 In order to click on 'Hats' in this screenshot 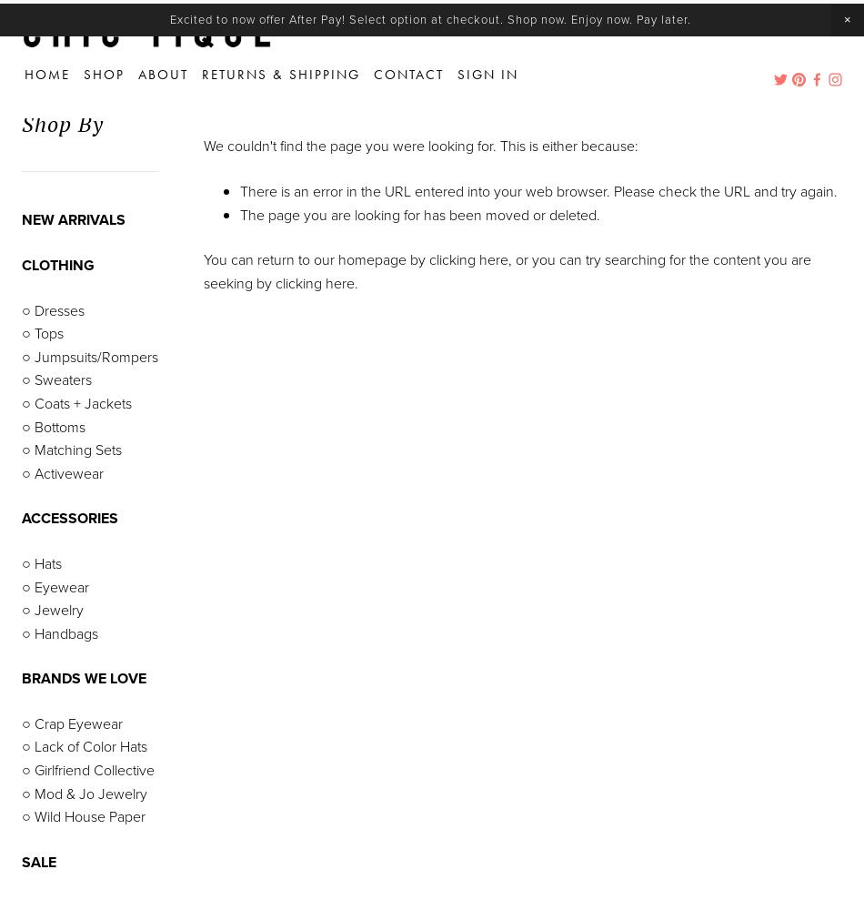, I will do `click(46, 561)`.